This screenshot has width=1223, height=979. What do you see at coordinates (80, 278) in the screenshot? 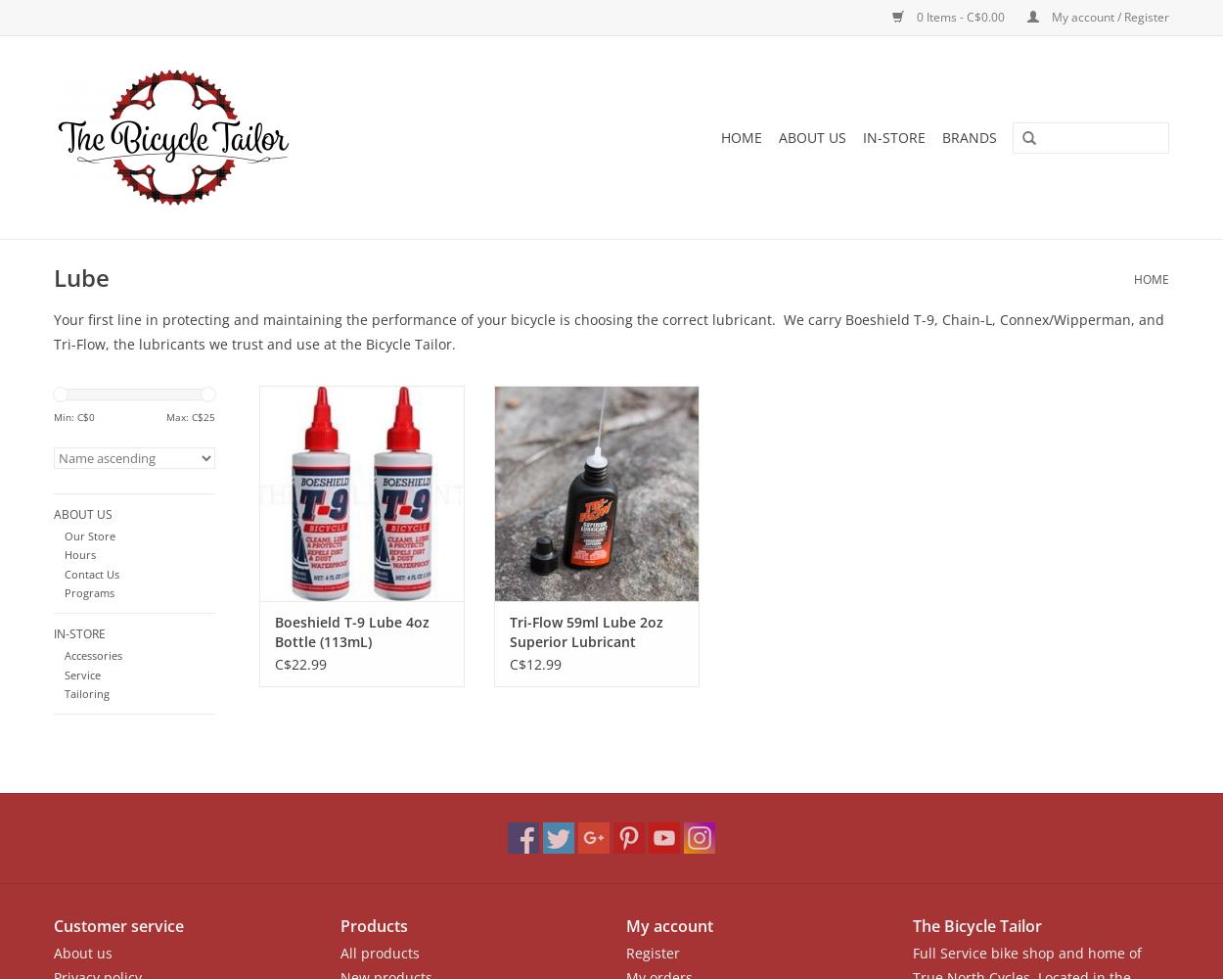
I see `'Lube'` at bounding box center [80, 278].